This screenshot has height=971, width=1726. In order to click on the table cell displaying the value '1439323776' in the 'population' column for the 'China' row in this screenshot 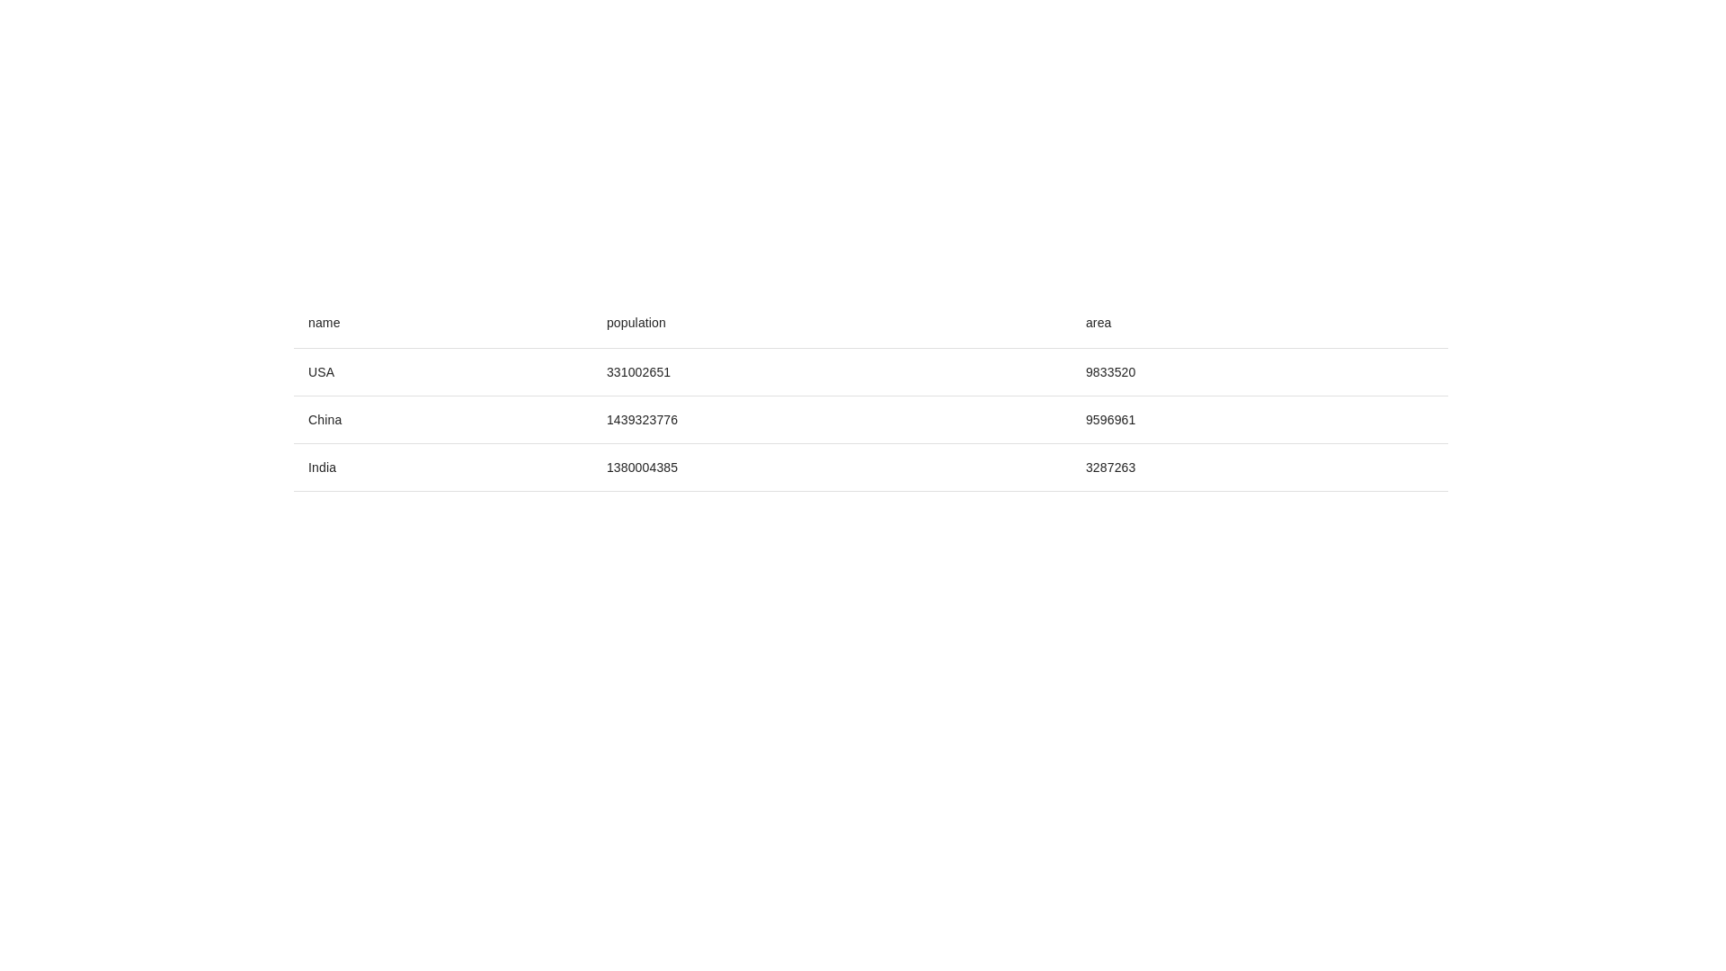, I will do `click(831, 419)`.